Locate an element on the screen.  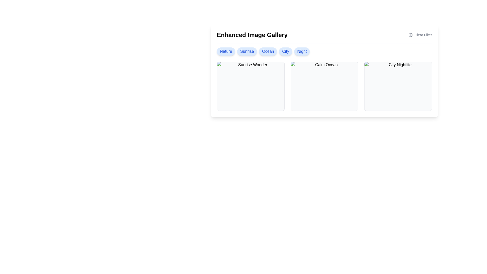
the pill-shaped button labeled 'City' is located at coordinates (286, 52).